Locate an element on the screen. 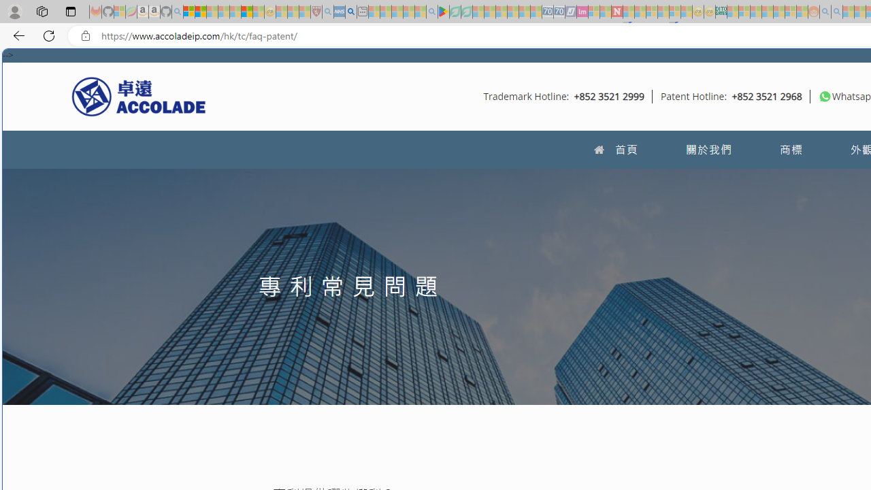  'Bluey: Let' is located at coordinates (444, 12).